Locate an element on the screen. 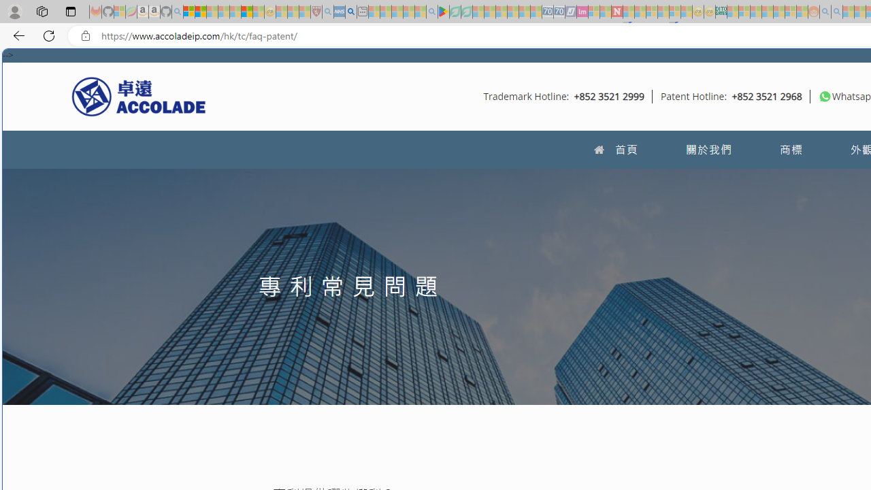  'Bluey: Let' is located at coordinates (444, 12).